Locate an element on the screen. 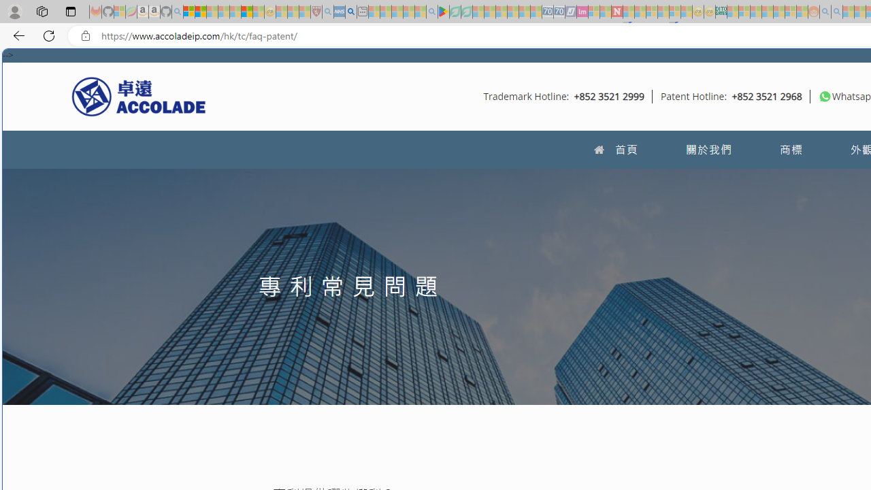  'Bluey: Let' is located at coordinates (444, 12).